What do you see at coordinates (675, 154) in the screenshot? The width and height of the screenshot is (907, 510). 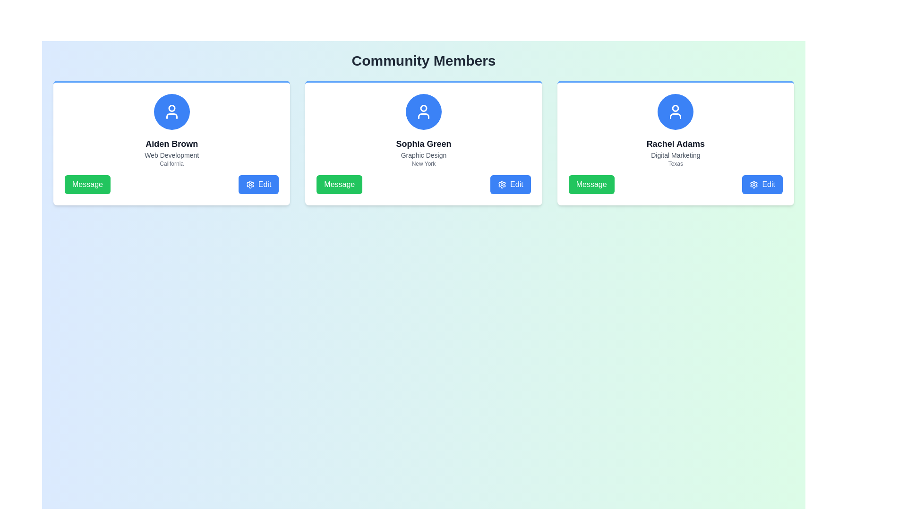 I see `displayed text 'Digital Marketing' from the text label located below 'Rachel Adams' and above 'Texas' in the last profile card` at bounding box center [675, 154].